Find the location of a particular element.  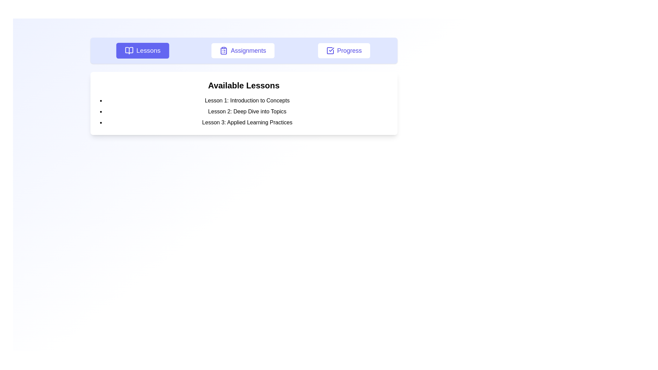

the non-interactive text element that serves as a label for the first lesson in the 'Available Lessons' section, positioned above 'Lesson 2: Deep Dive into Topics' is located at coordinates (247, 100).